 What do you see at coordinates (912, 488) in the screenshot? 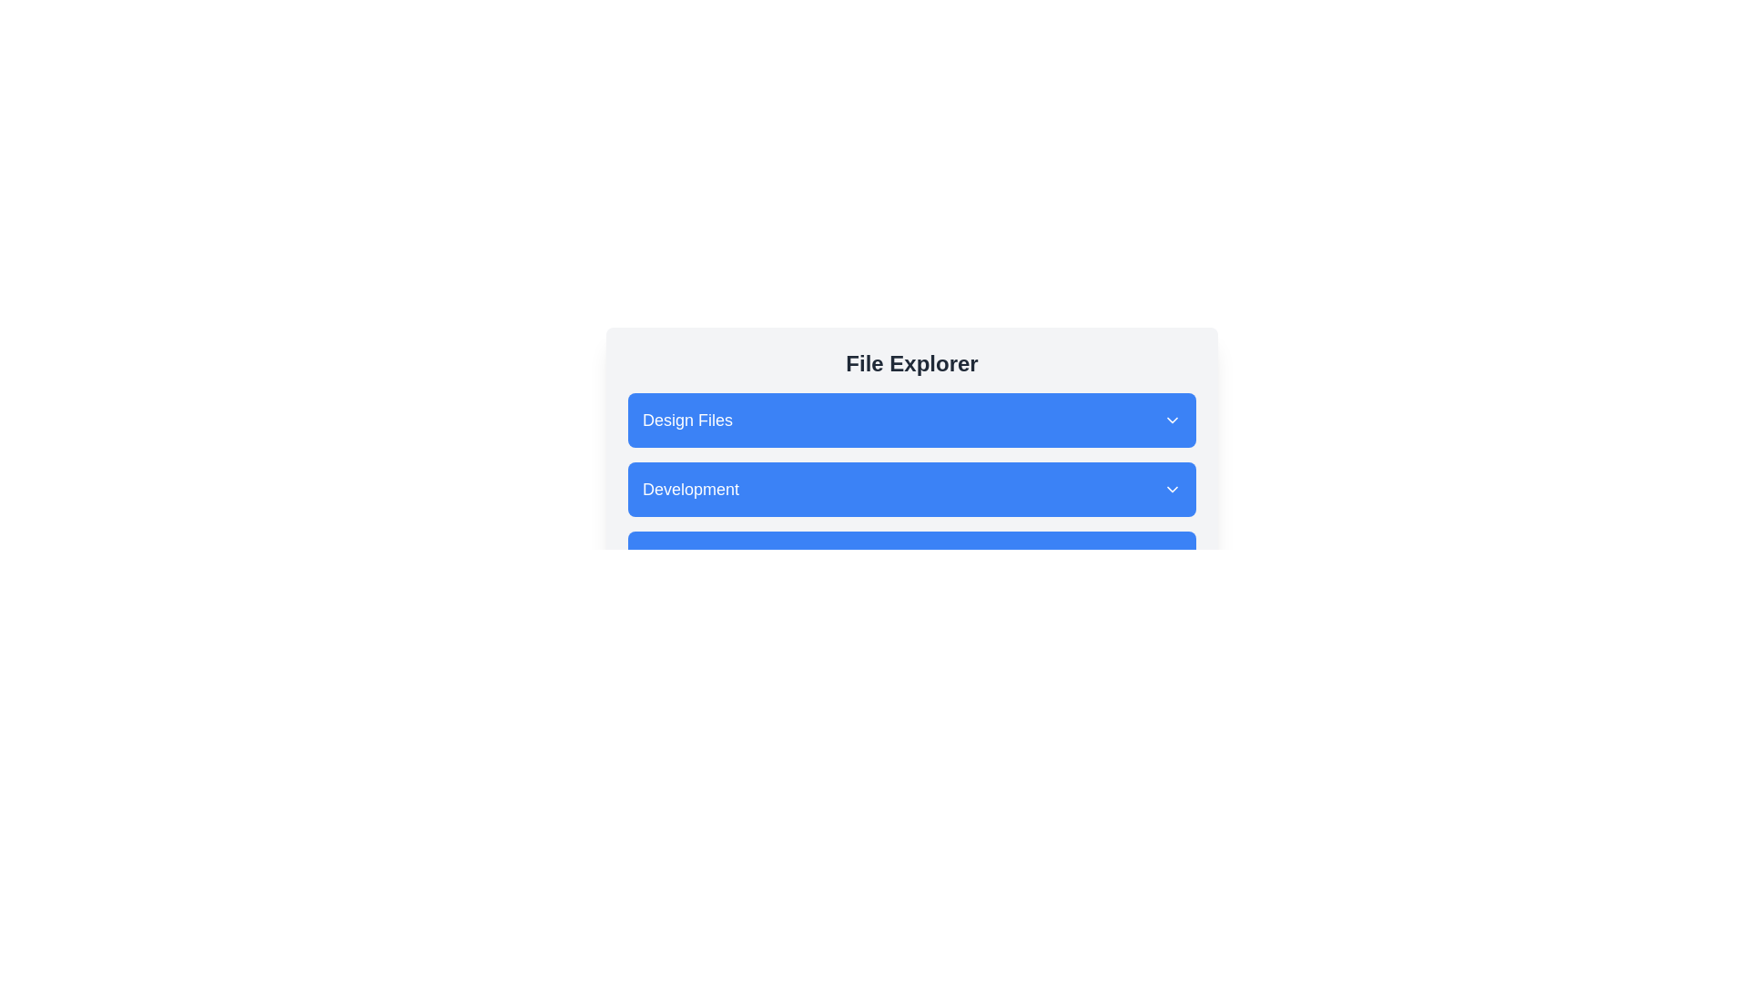
I see `the file named PitchDeck.pptx within the folder Development` at bounding box center [912, 488].